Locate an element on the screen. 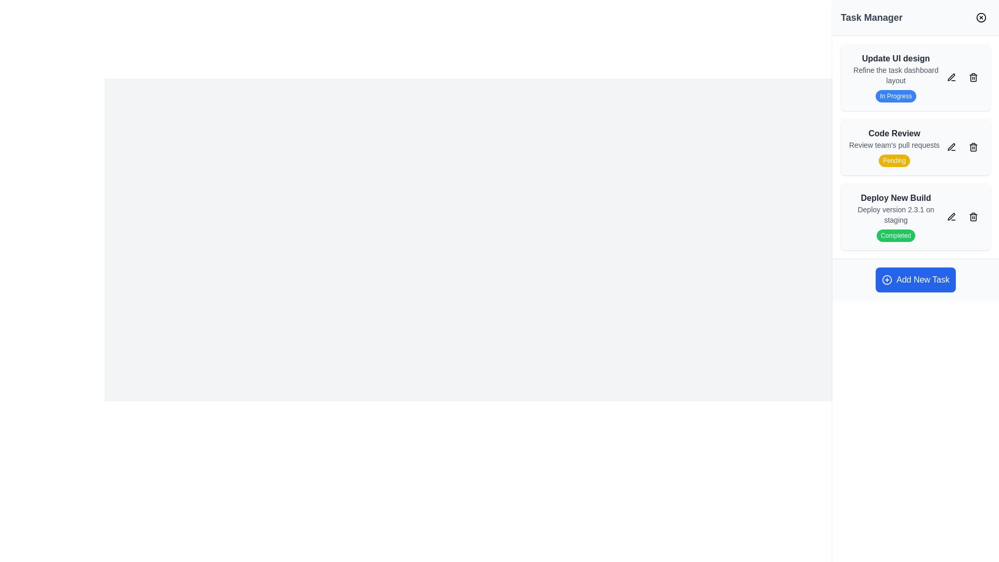  the trash can icon button located within the 'Update UI design' task card is located at coordinates (973, 77).